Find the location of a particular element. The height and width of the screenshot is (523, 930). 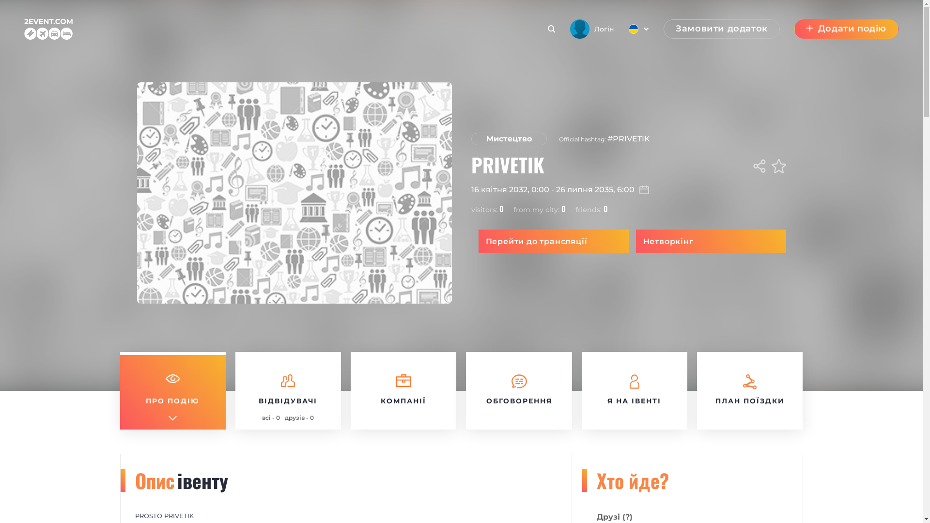

'visitors: 0' is located at coordinates (470, 208).